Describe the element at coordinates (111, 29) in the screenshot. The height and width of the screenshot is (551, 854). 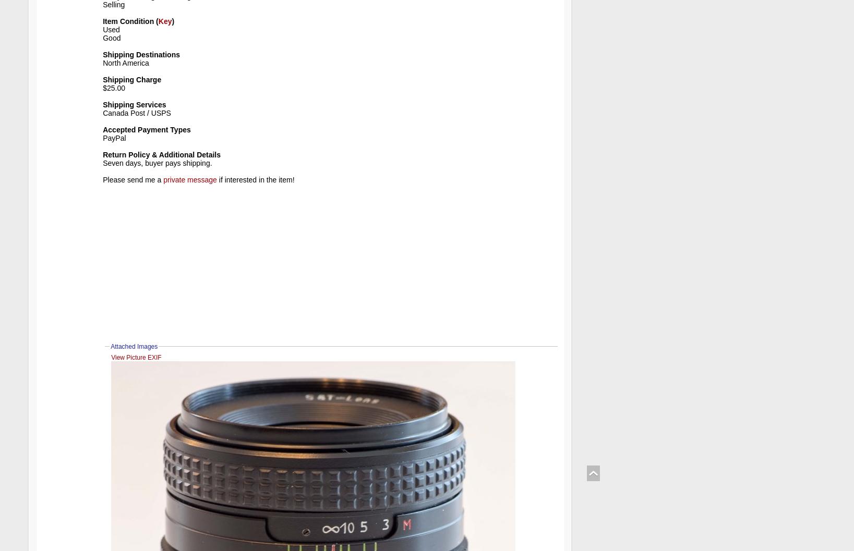
I see `'Used'` at that location.